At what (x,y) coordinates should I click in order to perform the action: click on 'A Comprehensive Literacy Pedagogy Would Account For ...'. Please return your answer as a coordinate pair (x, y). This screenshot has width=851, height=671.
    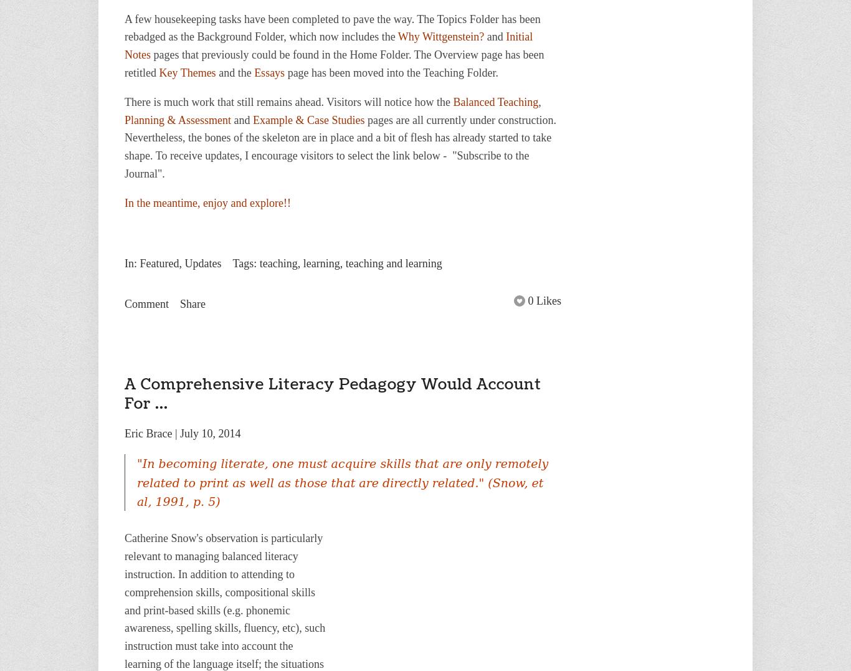
    Looking at the image, I should click on (333, 394).